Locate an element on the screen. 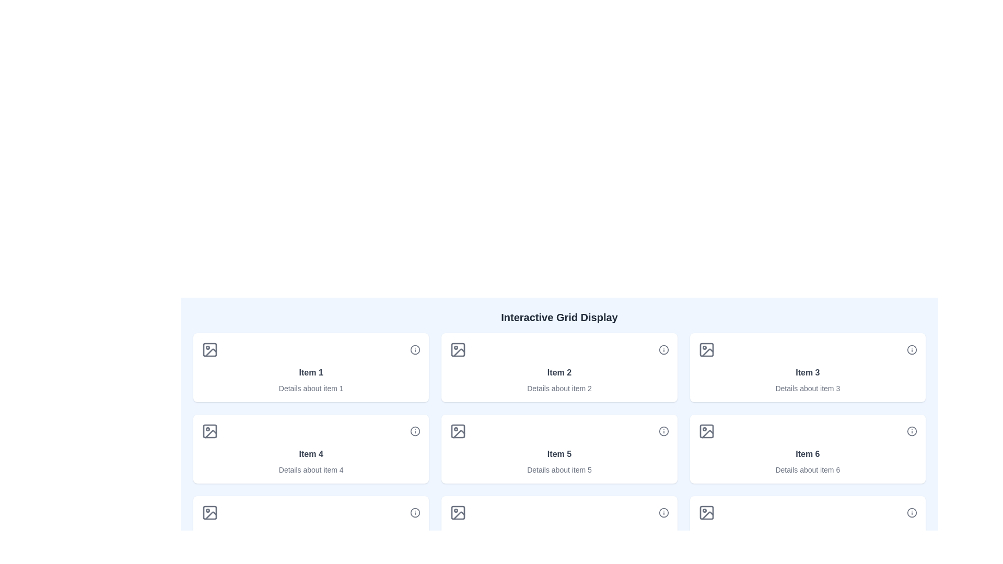  the gray stroke icon shaped like a picture frame with a mountain and sun symbol, located in the card for 'Item 4' above the text 'Details about item 4' is located at coordinates (209, 431).